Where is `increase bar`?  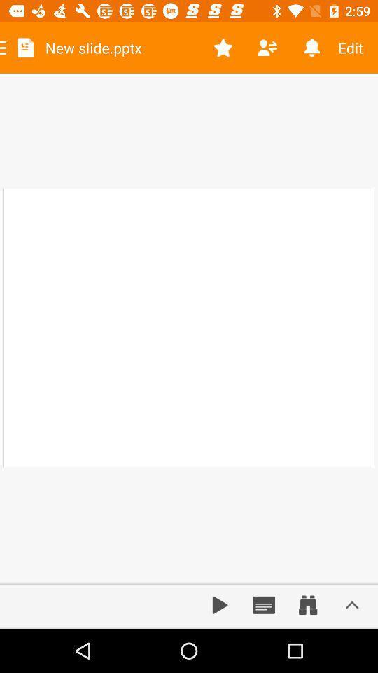
increase bar is located at coordinates (351, 604).